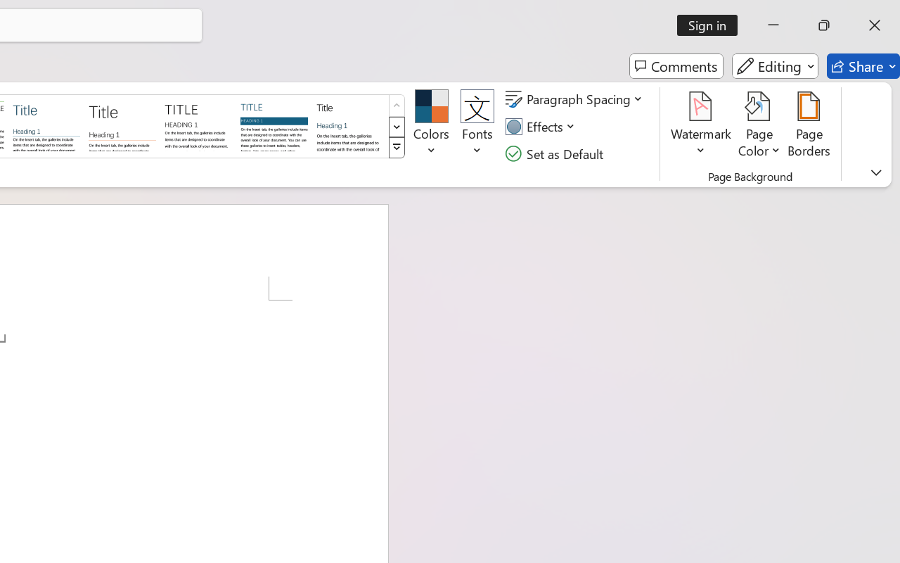 The height and width of the screenshot is (563, 900). Describe the element at coordinates (555, 153) in the screenshot. I see `'Set as Default'` at that location.